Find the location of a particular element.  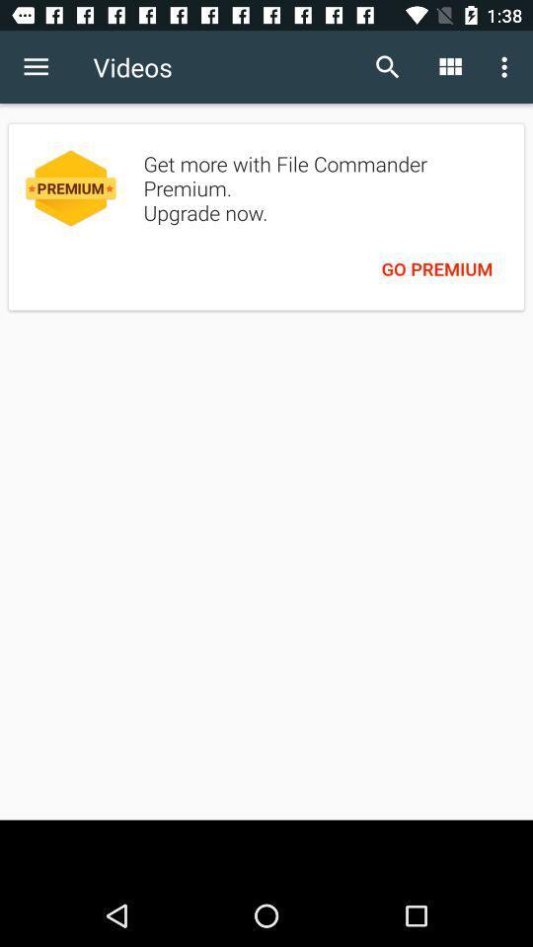

the item to the left of the videos item is located at coordinates (36, 67).